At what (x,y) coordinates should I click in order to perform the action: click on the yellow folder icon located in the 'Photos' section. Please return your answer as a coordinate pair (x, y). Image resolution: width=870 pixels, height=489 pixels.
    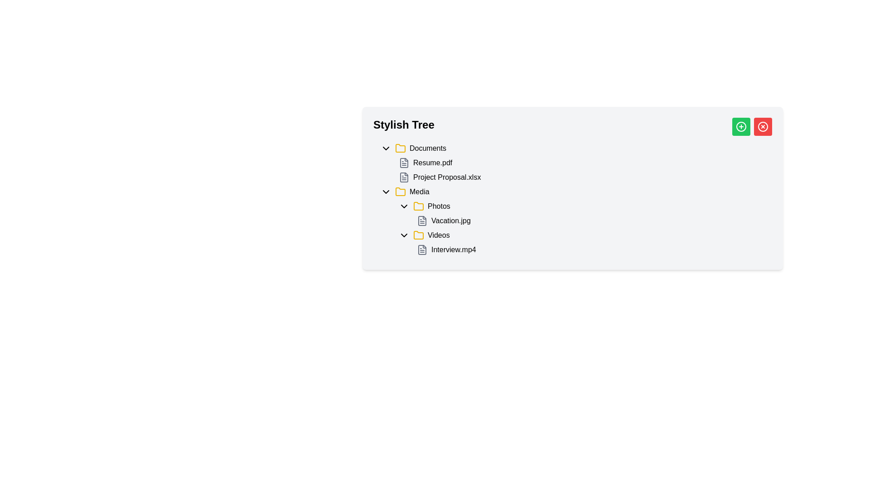
    Looking at the image, I should click on (418, 206).